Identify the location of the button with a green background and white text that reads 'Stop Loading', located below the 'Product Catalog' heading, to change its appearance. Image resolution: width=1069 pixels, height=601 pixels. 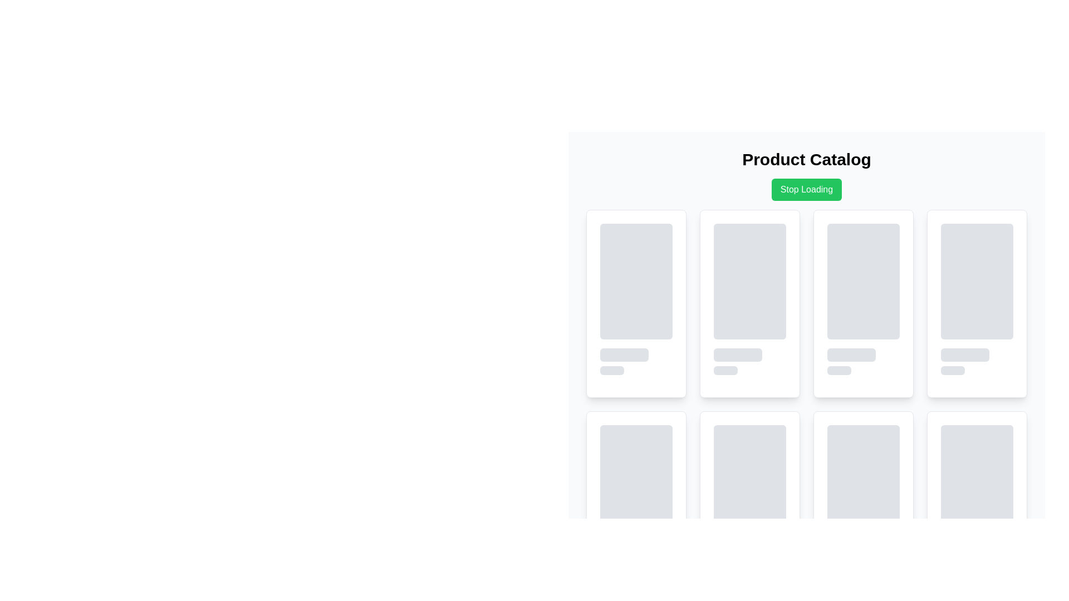
(807, 189).